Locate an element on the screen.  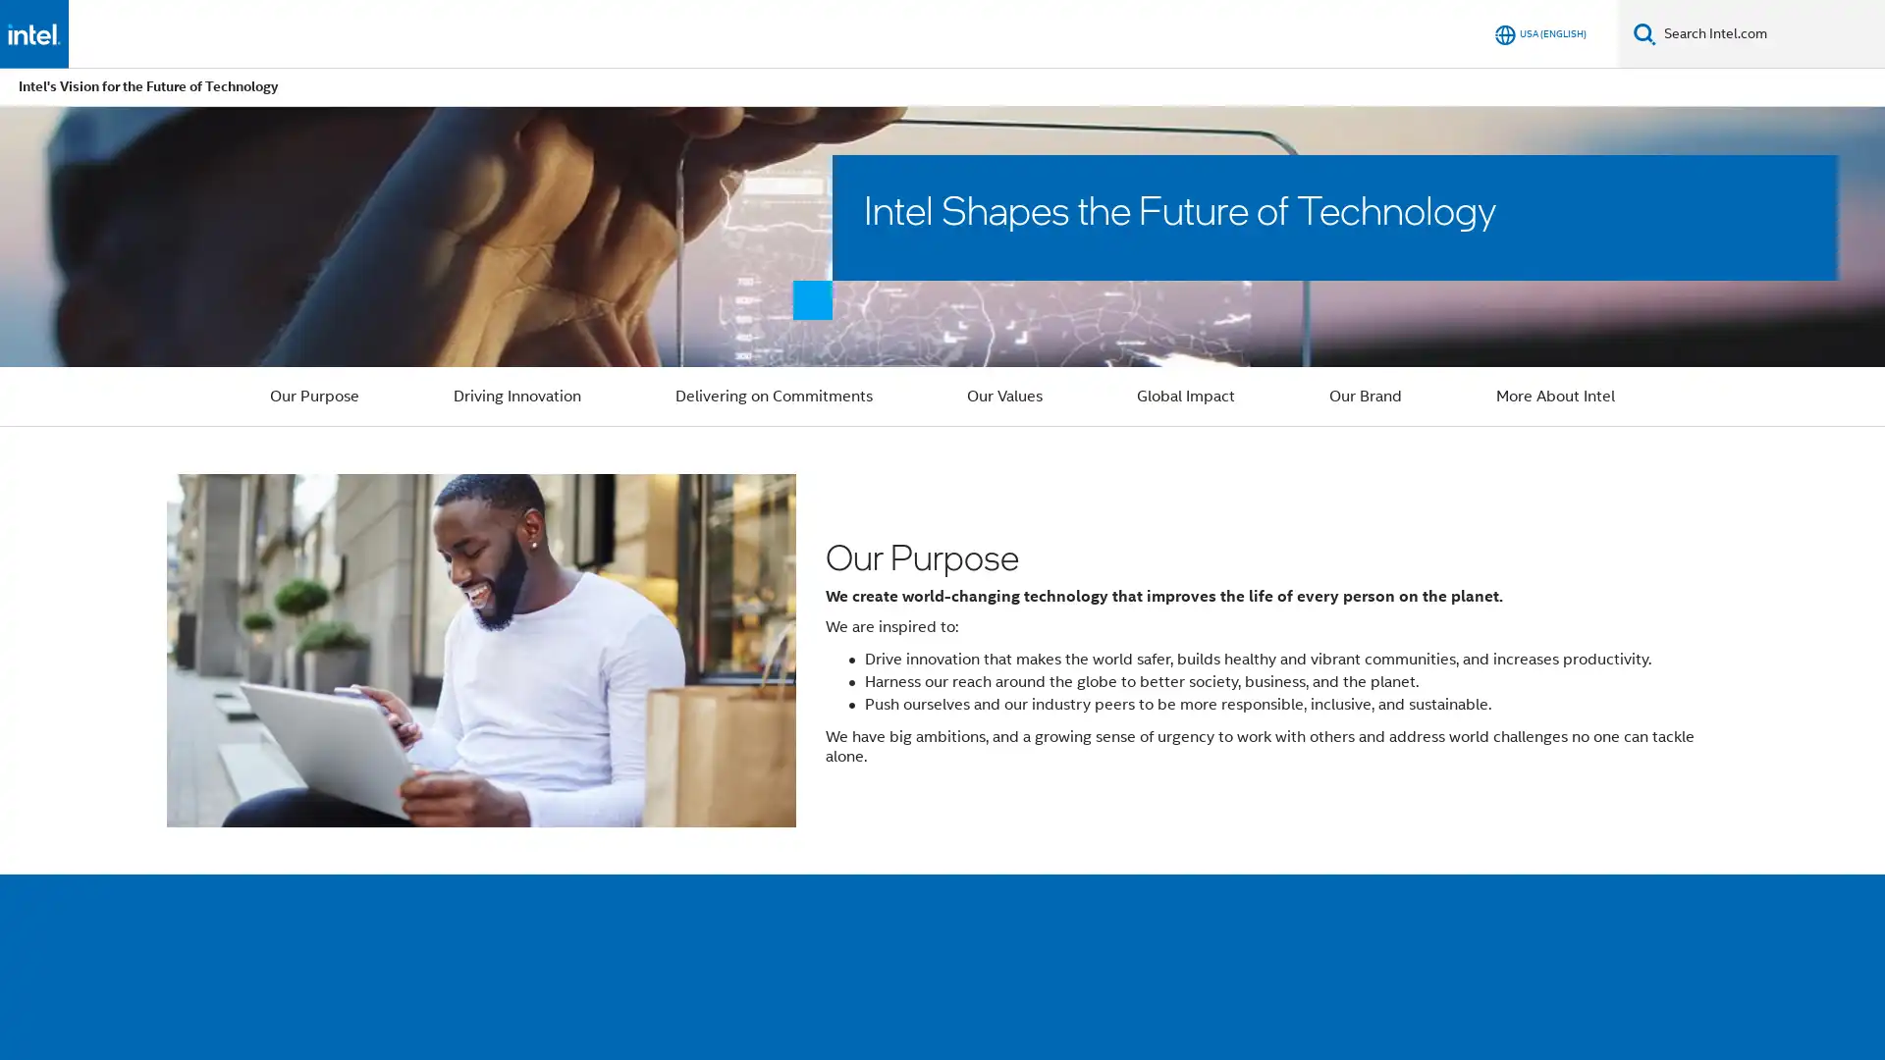
USA (English) is located at coordinates (1539, 33).